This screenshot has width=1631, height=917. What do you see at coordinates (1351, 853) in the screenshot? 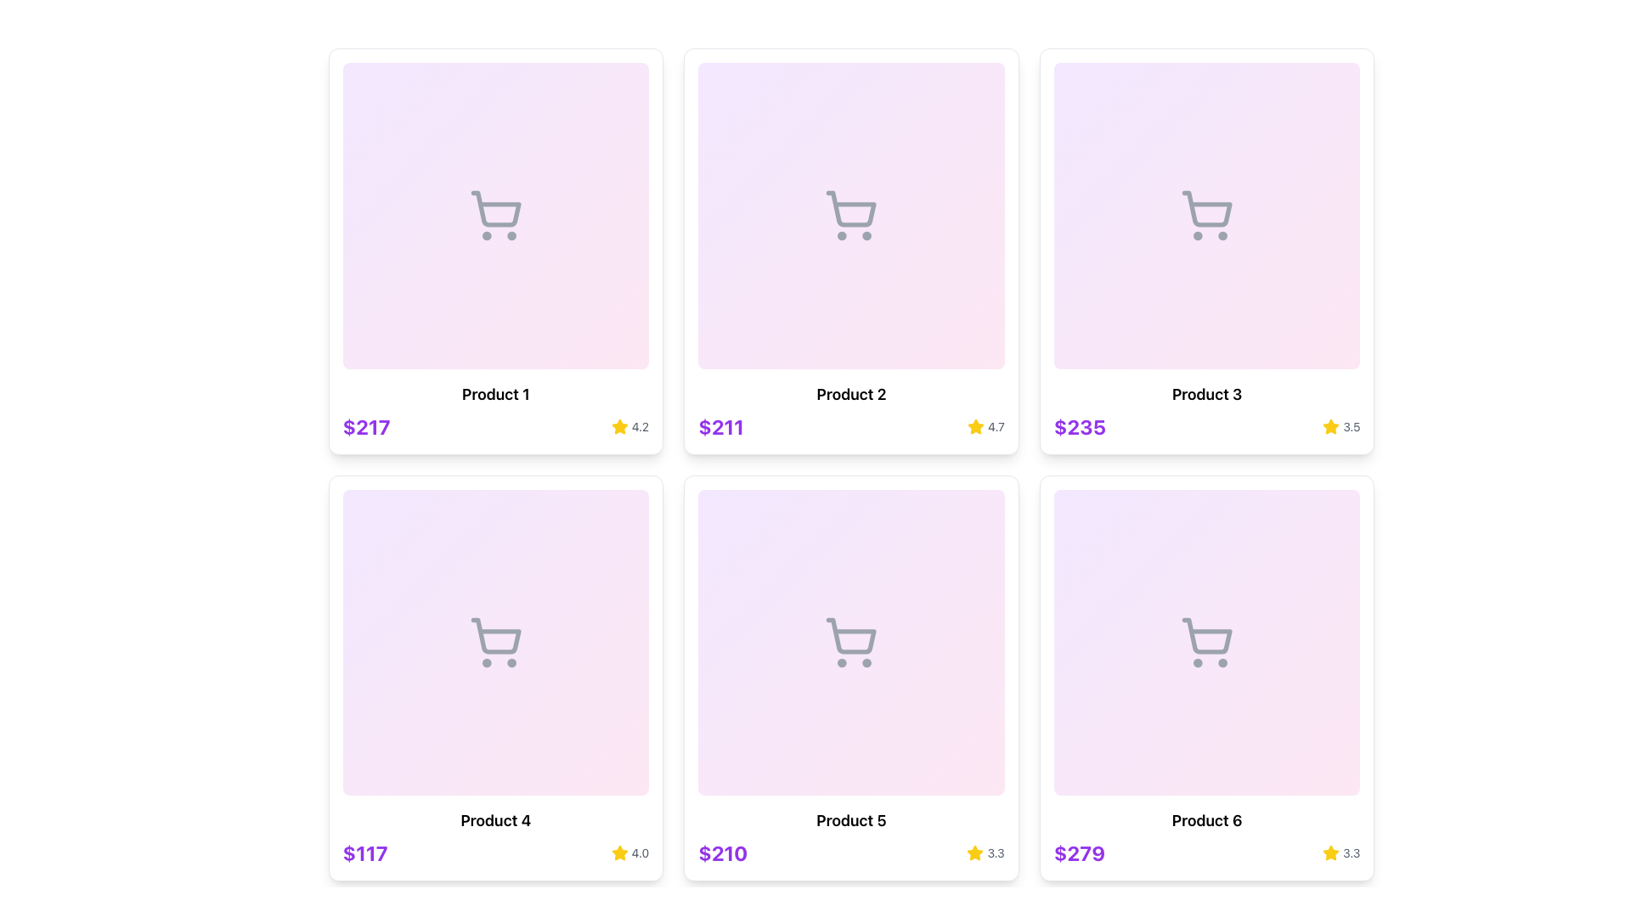
I see `the content of the rating text label displayed for 'Product 5', which is located below the product name and next to the star icon in the ratings section` at bounding box center [1351, 853].